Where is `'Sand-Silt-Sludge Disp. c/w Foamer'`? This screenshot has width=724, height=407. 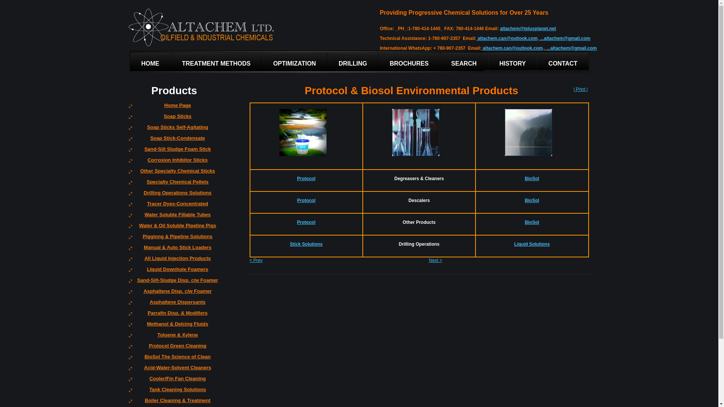 'Sand-Silt-Sludge Disp. c/w Foamer' is located at coordinates (174, 283).